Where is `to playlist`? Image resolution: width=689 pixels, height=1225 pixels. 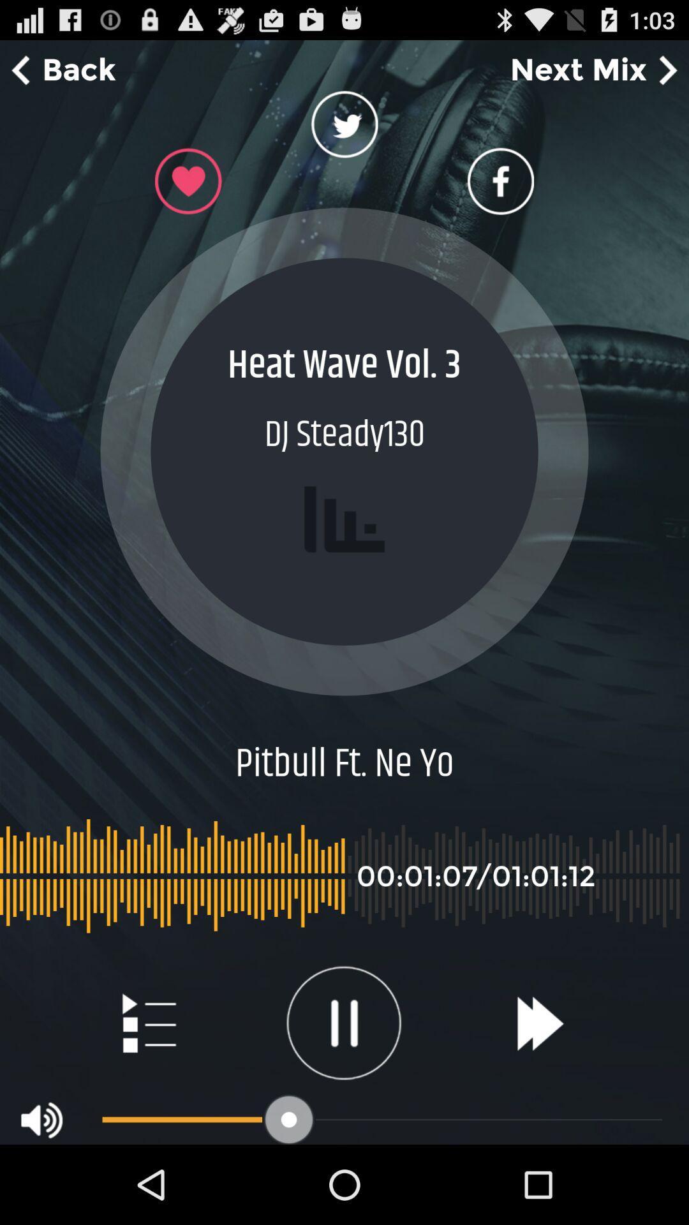 to playlist is located at coordinates (147, 1023).